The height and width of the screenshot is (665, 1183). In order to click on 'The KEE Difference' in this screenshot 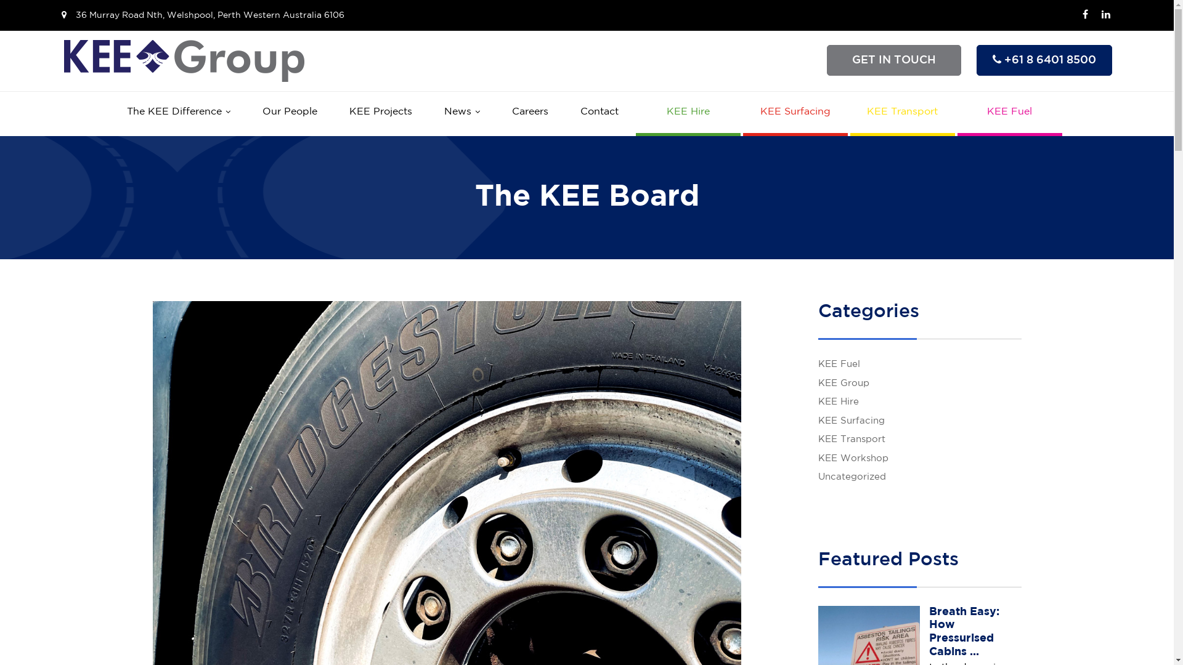, I will do `click(177, 111)`.